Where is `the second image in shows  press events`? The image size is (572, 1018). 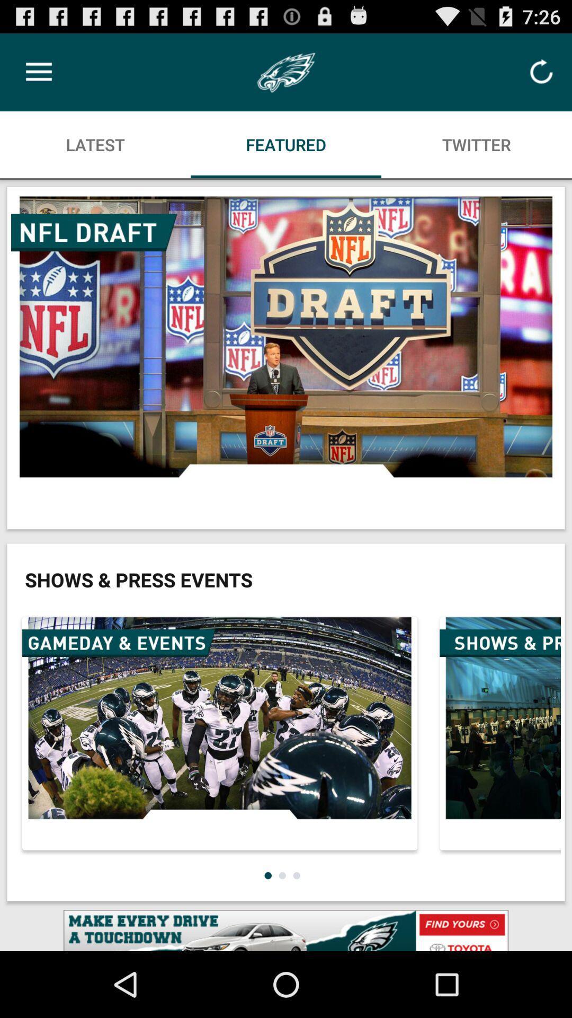
the second image in shows  press events is located at coordinates (498, 733).